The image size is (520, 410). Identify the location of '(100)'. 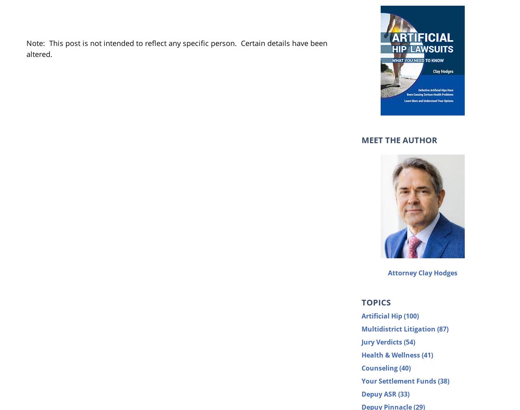
(411, 315).